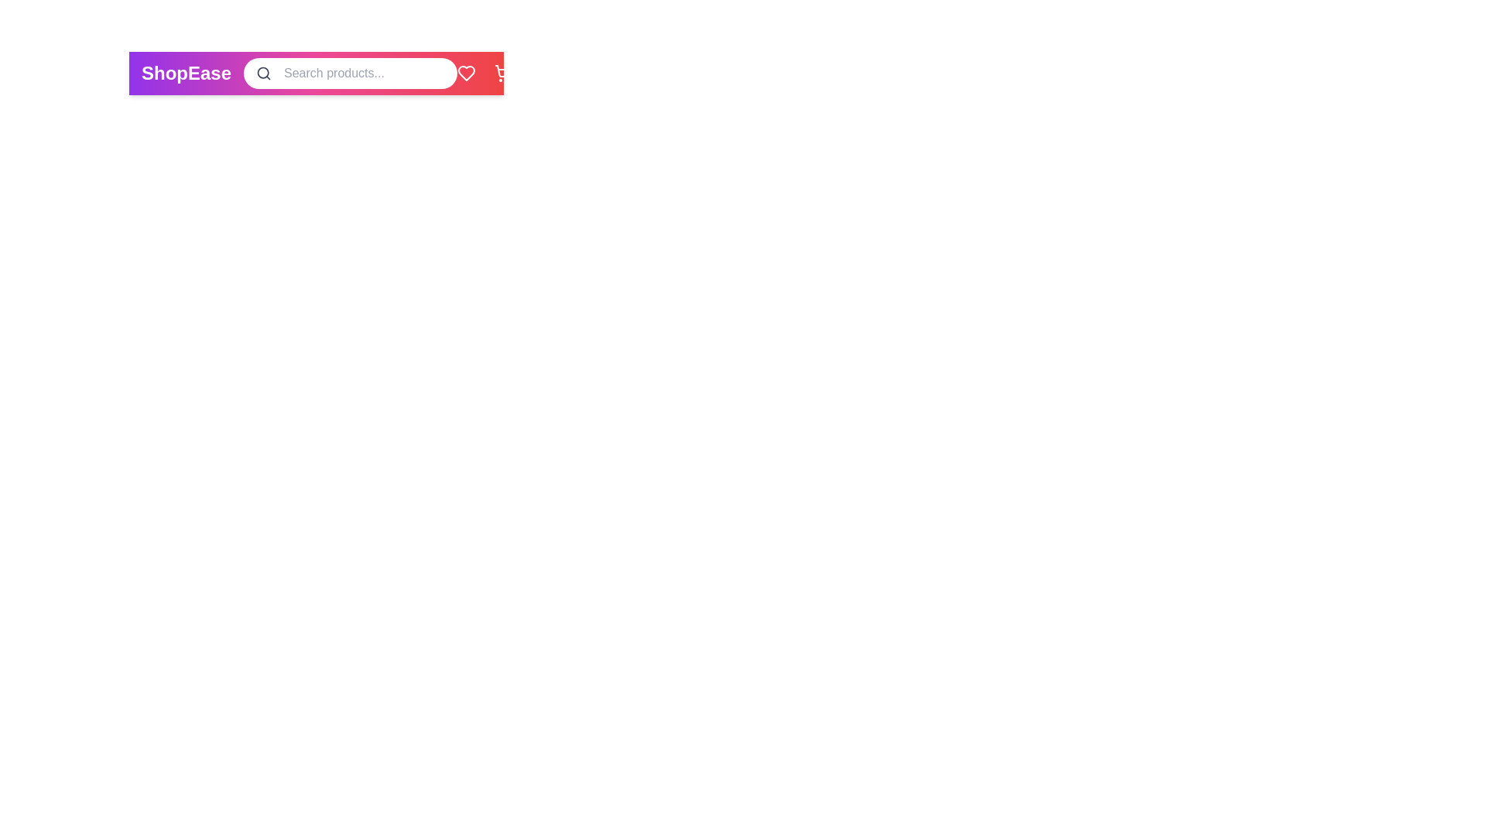 The image size is (1486, 836). I want to click on the 'ShopEase' brand logo to navigate to the homepage, so click(186, 74).